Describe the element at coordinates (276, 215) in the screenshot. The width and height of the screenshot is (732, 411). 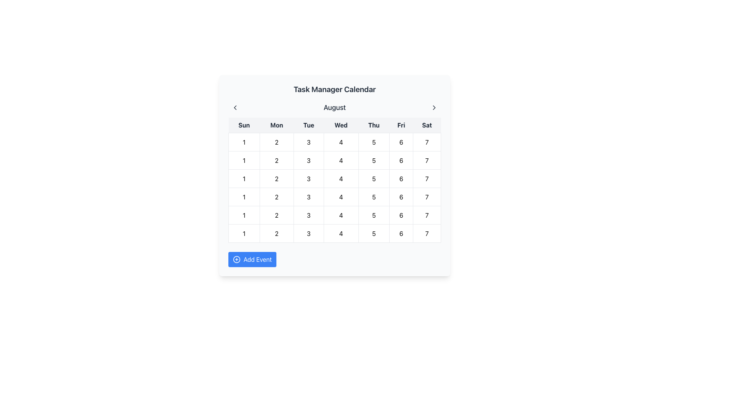
I see `the calendar cell representing the day '2' of the week Monday` at that location.